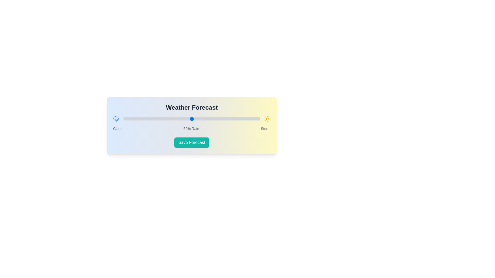  I want to click on the icon Sun to reveal additional information or effects, so click(267, 119).